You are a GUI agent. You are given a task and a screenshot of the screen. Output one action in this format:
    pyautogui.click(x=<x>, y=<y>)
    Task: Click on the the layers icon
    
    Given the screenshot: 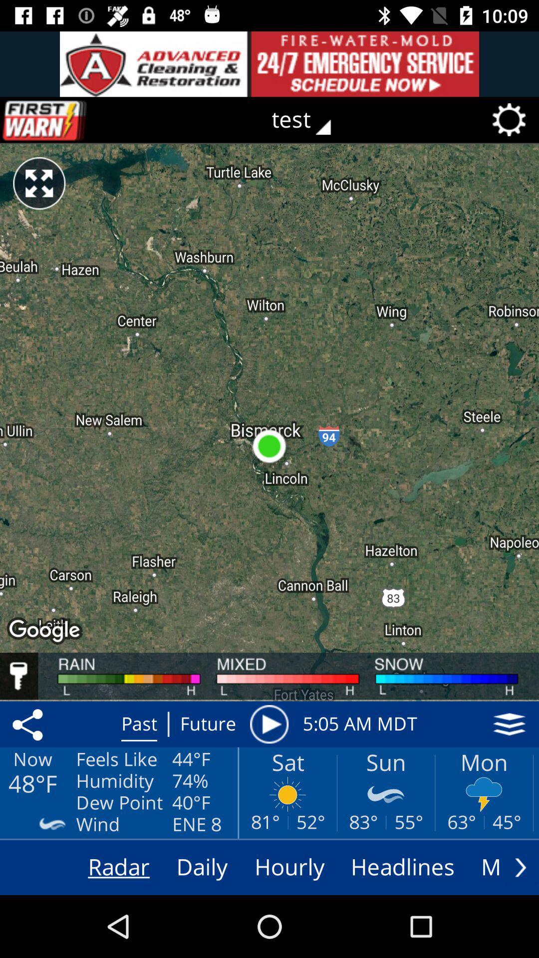 What is the action you would take?
    pyautogui.click(x=509, y=724)
    